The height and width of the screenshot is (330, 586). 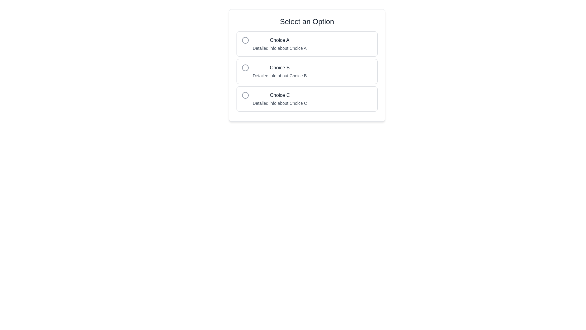 I want to click on the Text block displaying 'Choice B' with detailed info about it, which is the second option in a vertical list of choices, so click(x=279, y=71).